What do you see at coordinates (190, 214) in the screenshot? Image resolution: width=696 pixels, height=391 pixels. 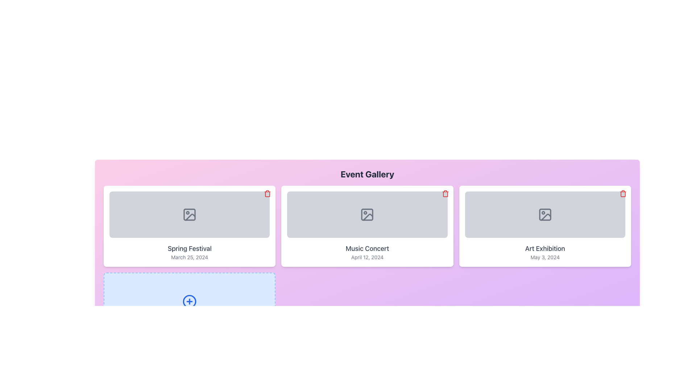 I see `the decorative rectangle within the image placeholder icon, which is positioned centrally in the left event card labeled 'Spring Festival' in the 'Event Gallery' section` at bounding box center [190, 214].